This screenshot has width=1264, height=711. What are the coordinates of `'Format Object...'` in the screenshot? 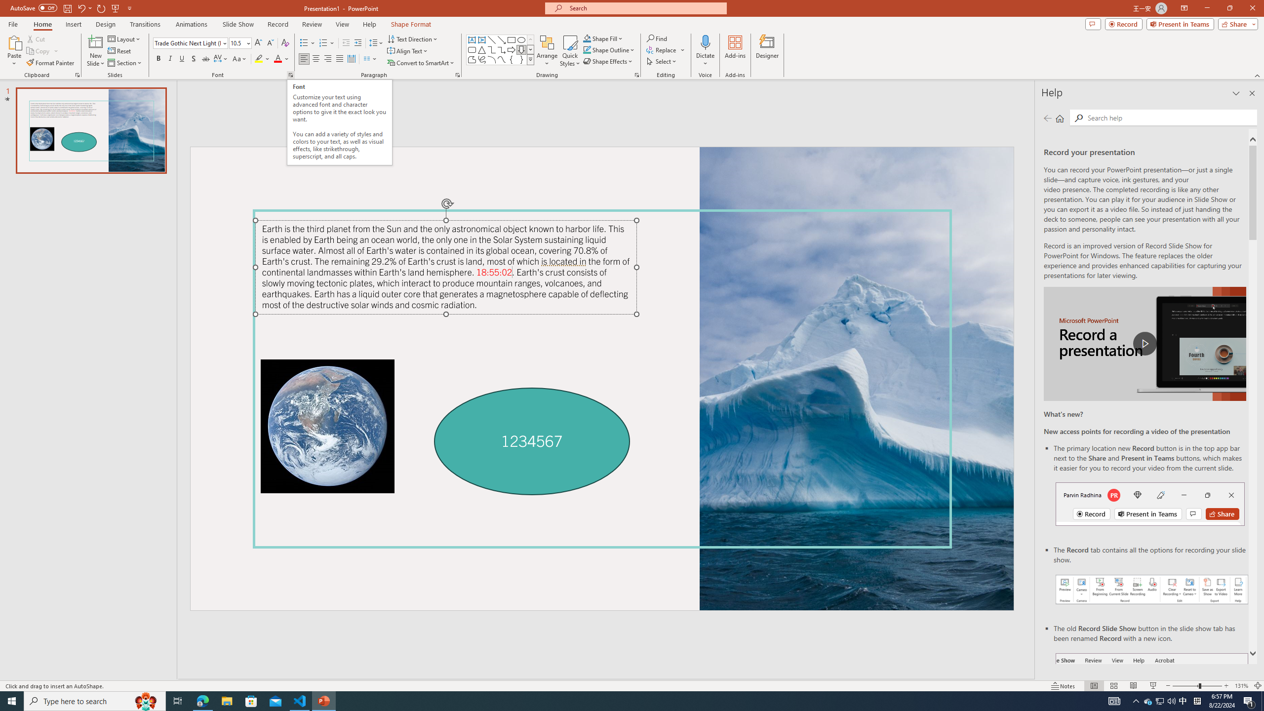 It's located at (636, 74).